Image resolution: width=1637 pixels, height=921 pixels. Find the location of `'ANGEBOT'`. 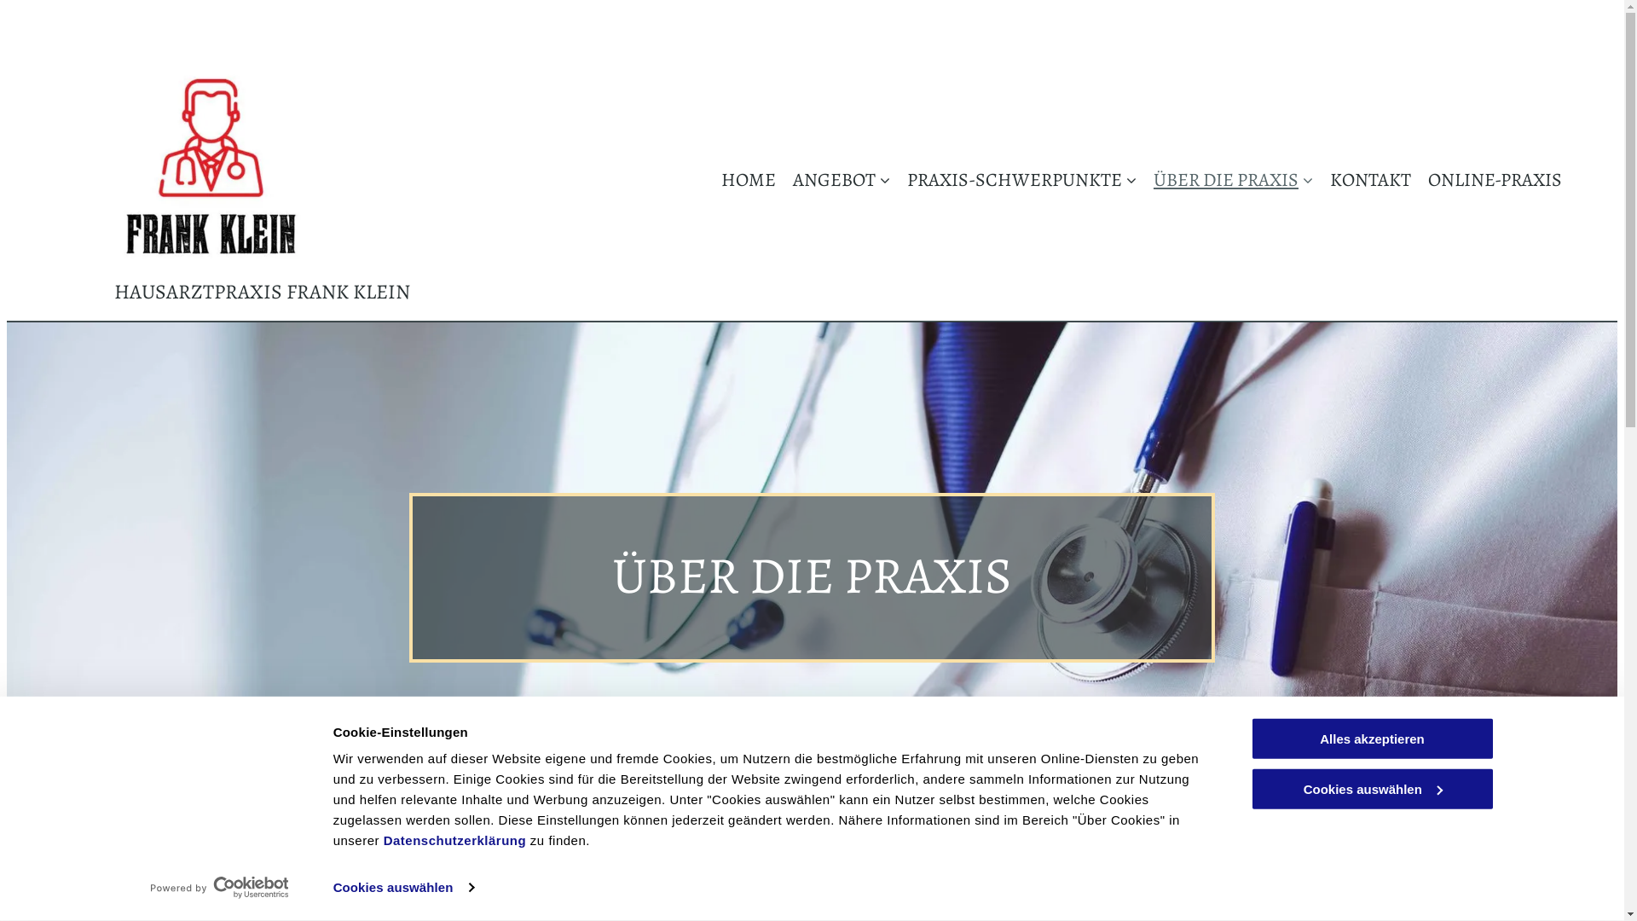

'ANGEBOT' is located at coordinates (833, 179).